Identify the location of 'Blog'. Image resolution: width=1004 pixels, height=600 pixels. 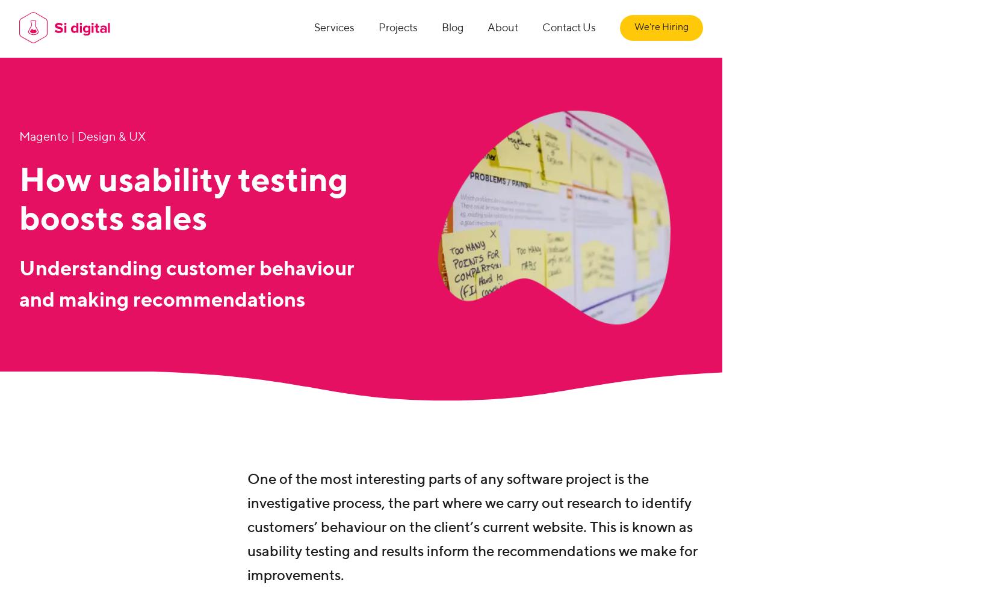
(441, 28).